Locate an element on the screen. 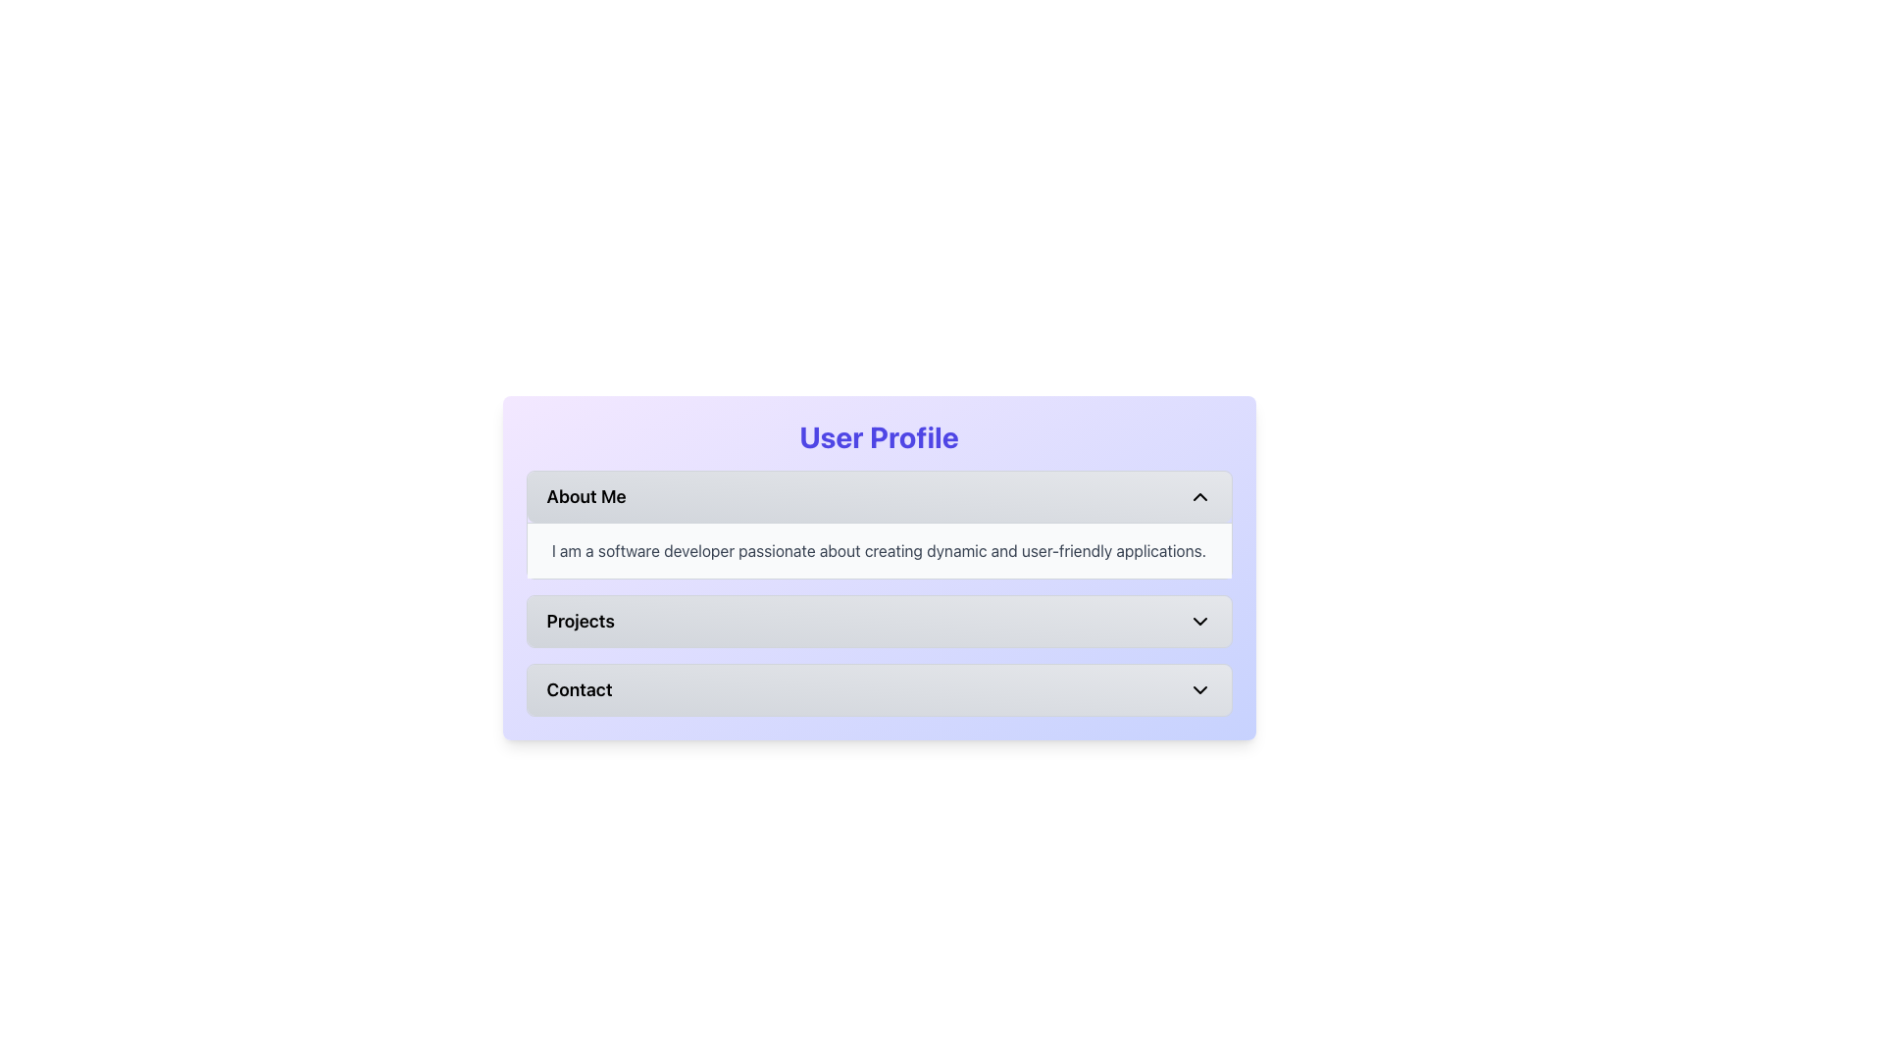 The height and width of the screenshot is (1059, 1883). the 'Contact' button, which is a rectangular button with rounded corners and a light gray gradient background, located below the 'About Me' and 'Projects' buttons is located at coordinates (878, 689).